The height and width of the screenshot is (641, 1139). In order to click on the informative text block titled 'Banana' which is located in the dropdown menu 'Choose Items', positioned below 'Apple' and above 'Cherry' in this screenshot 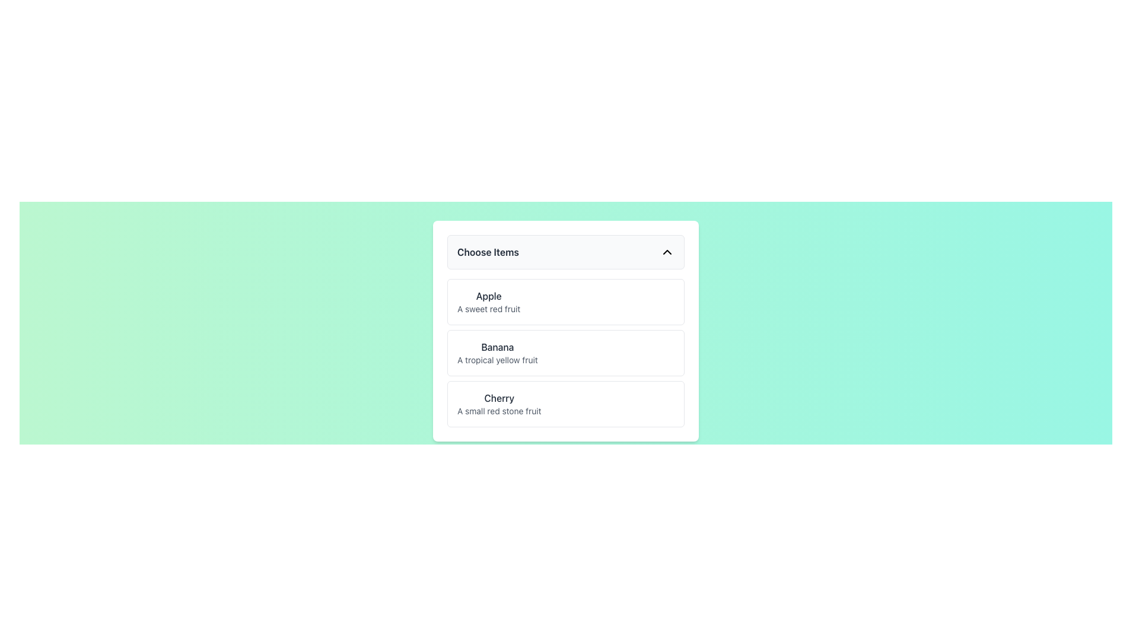, I will do `click(497, 352)`.